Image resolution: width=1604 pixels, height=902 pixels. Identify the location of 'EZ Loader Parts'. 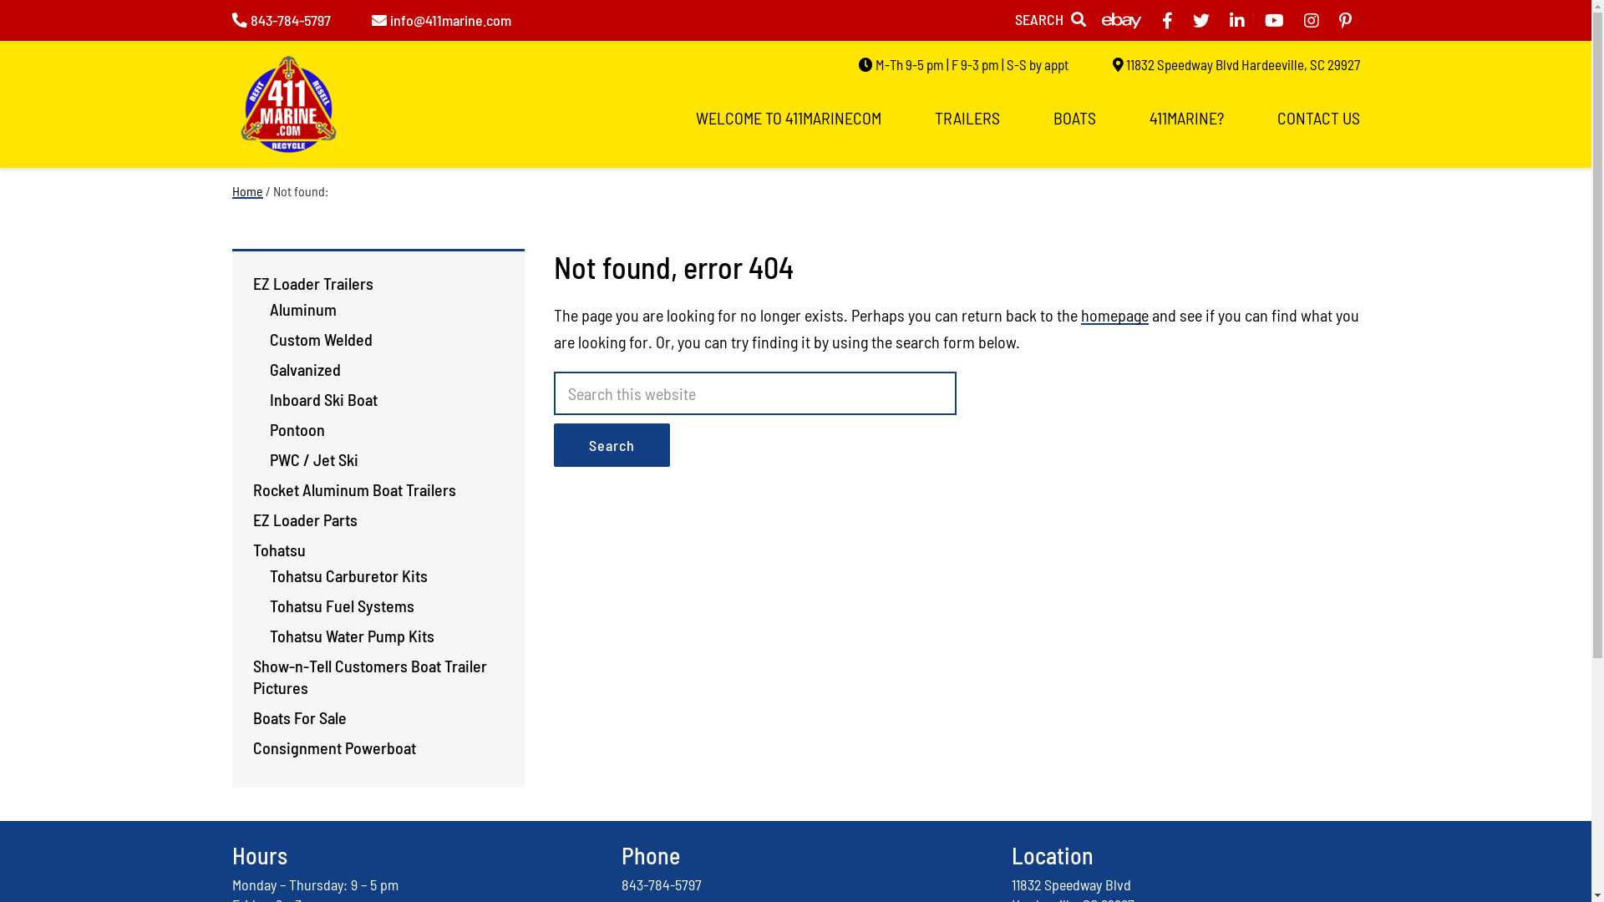
(304, 518).